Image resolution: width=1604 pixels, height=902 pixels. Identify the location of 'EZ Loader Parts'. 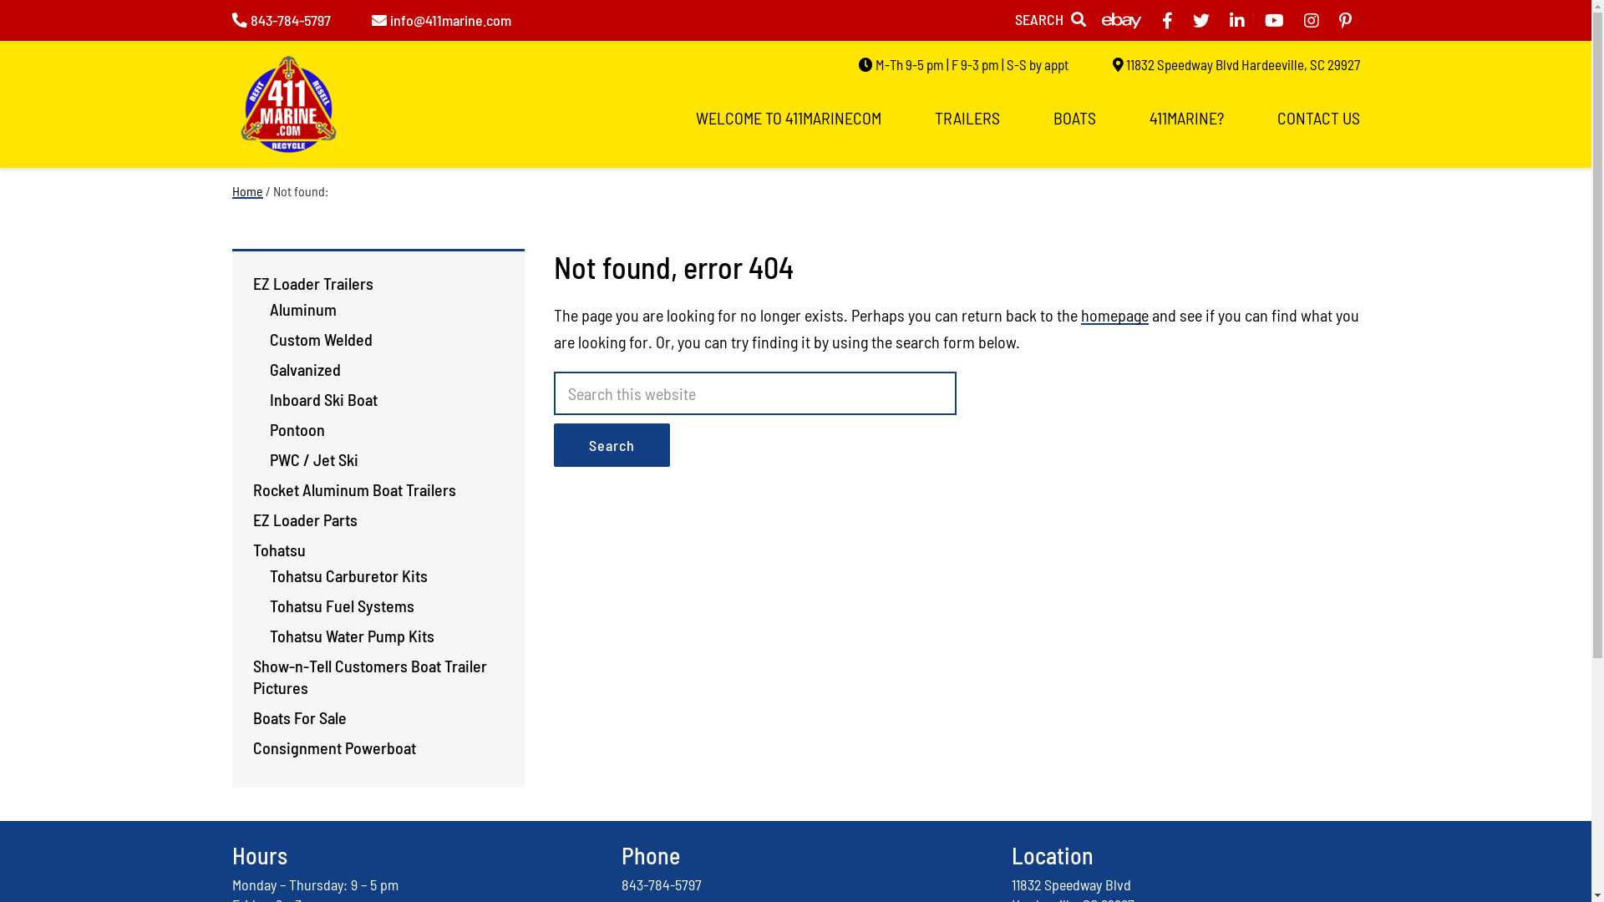
(304, 518).